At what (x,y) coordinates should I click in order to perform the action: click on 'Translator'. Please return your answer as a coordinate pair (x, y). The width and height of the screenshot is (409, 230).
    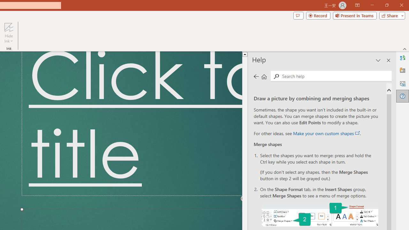
    Looking at the image, I should click on (402, 58).